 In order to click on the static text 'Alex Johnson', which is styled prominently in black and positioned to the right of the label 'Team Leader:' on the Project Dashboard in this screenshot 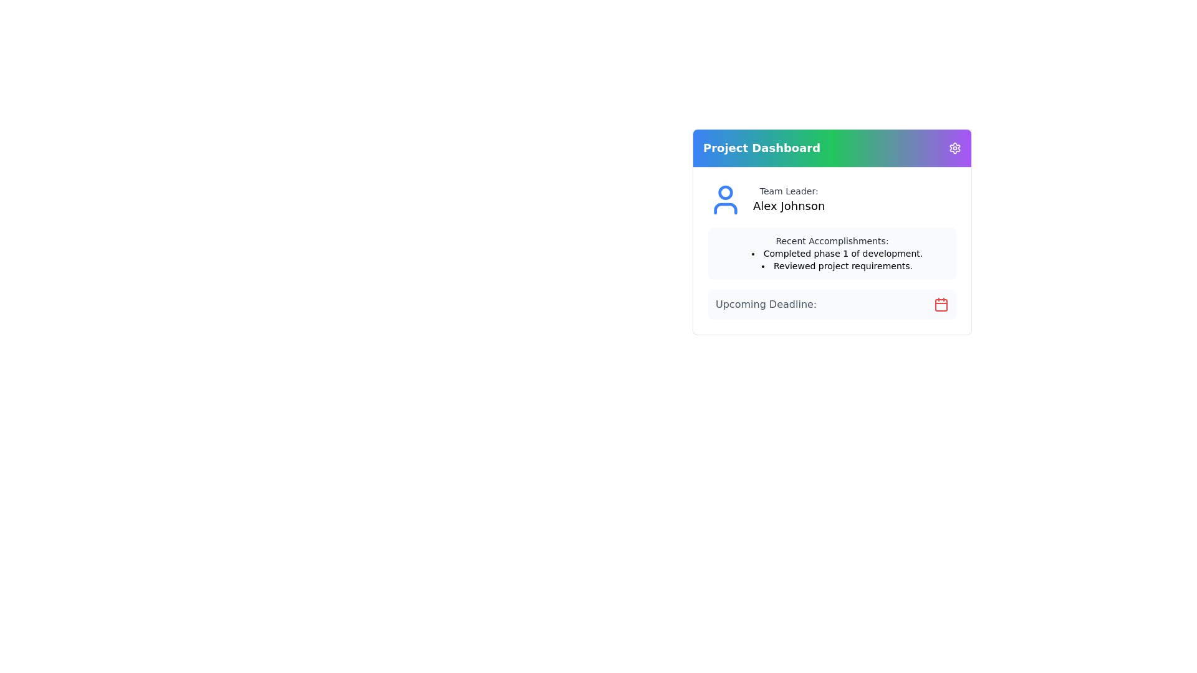, I will do `click(788, 206)`.